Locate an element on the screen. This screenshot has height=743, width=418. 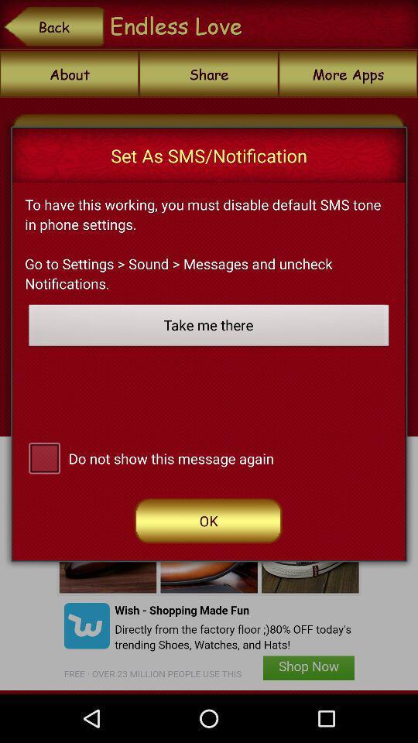
click the check box is located at coordinates (44, 457).